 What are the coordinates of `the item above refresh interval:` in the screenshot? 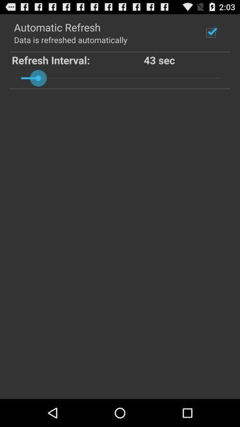 It's located at (70, 40).